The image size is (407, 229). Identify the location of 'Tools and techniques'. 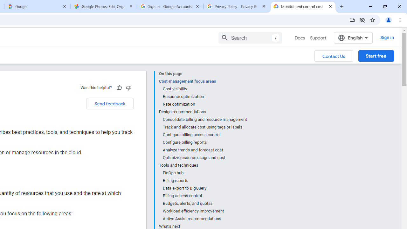
(203, 165).